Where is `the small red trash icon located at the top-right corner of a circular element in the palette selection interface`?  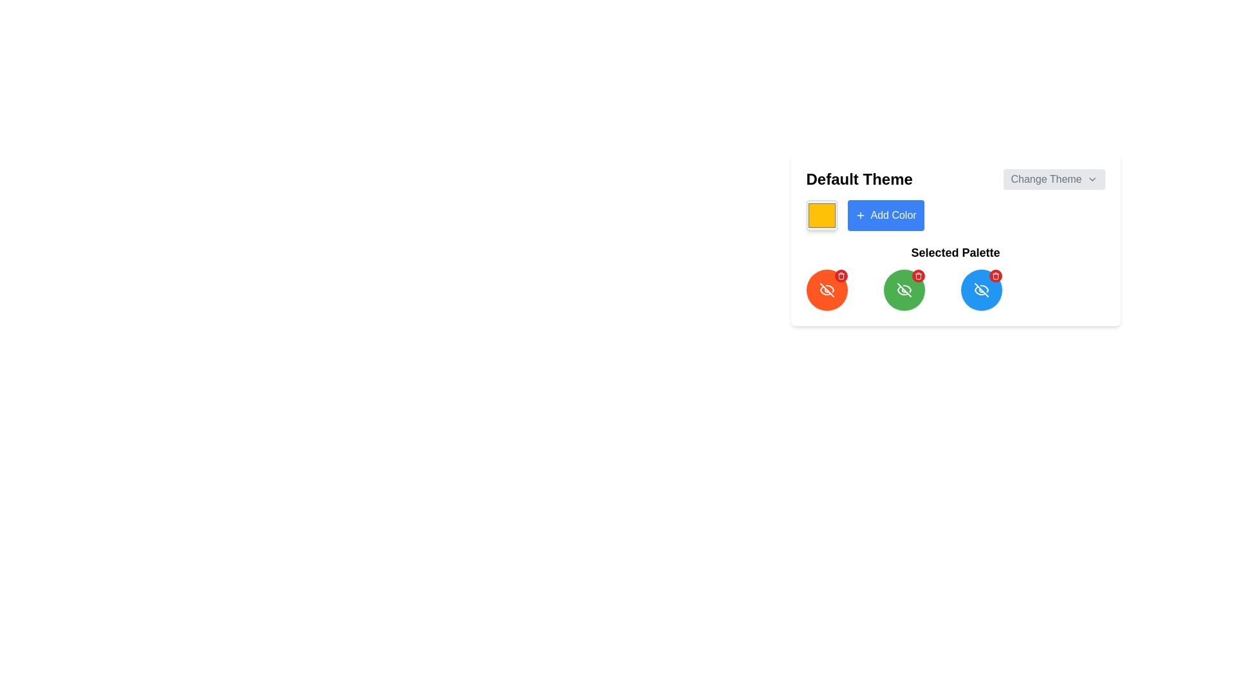 the small red trash icon located at the top-right corner of a circular element in the palette selection interface is located at coordinates (917, 275).